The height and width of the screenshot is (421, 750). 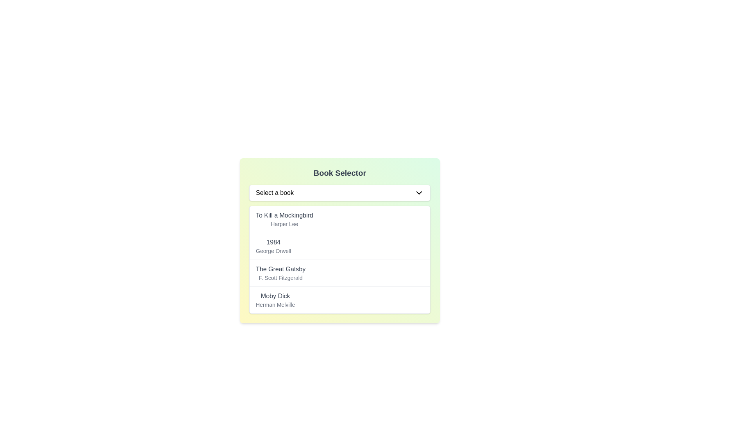 I want to click on the title text element that serves as a header for the section, positioned directly above the 'Select a book' dropdown, so click(x=339, y=172).